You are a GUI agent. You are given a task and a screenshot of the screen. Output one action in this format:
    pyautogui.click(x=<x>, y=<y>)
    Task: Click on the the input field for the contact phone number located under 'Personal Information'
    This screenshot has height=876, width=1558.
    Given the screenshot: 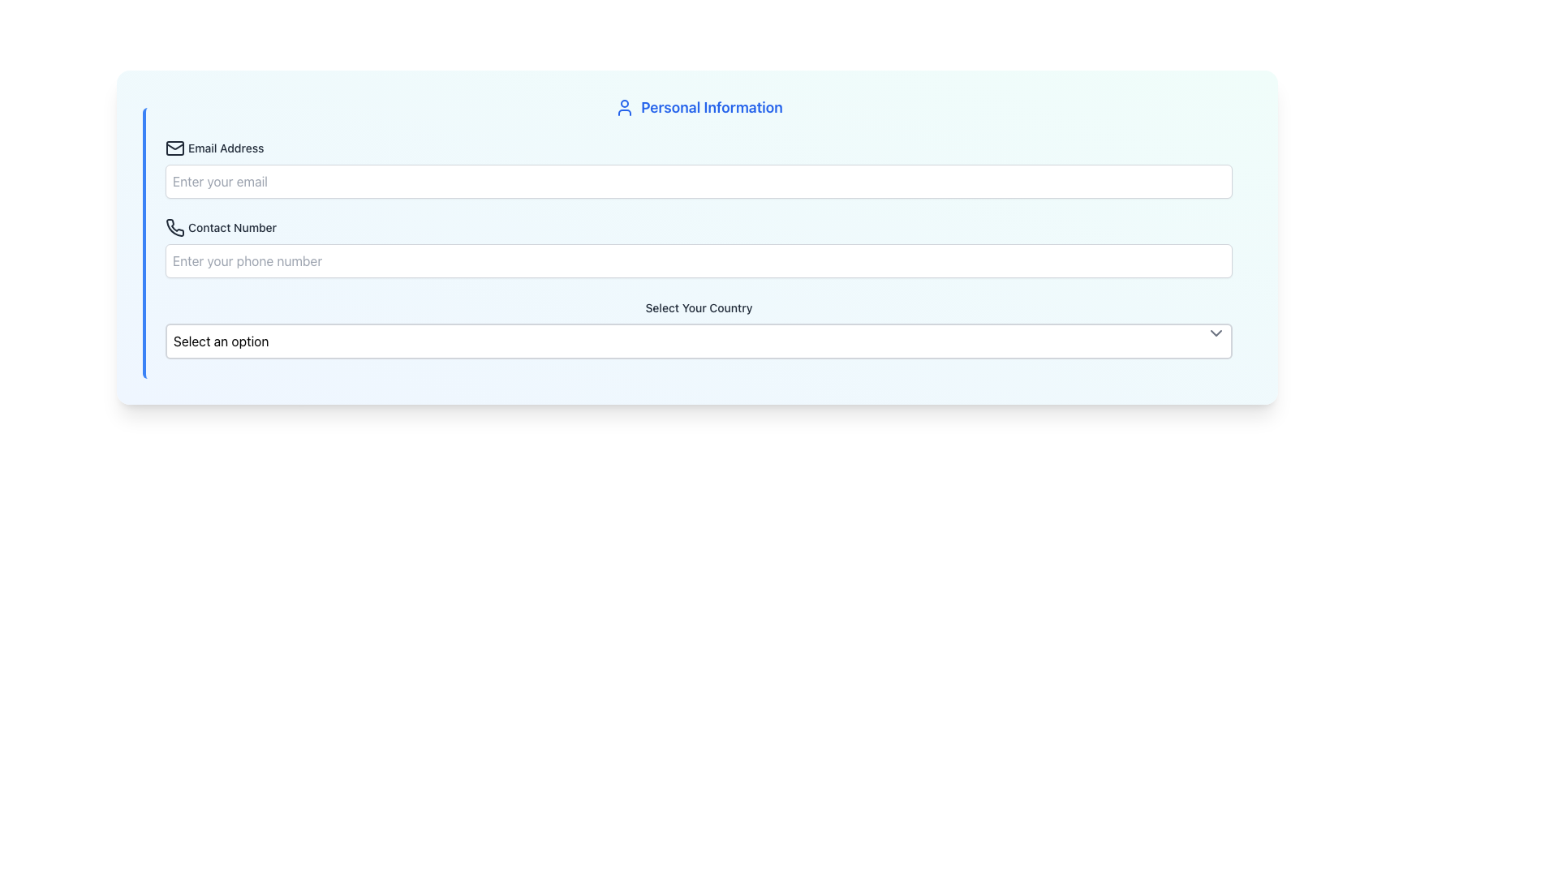 What is the action you would take?
    pyautogui.click(x=699, y=247)
    